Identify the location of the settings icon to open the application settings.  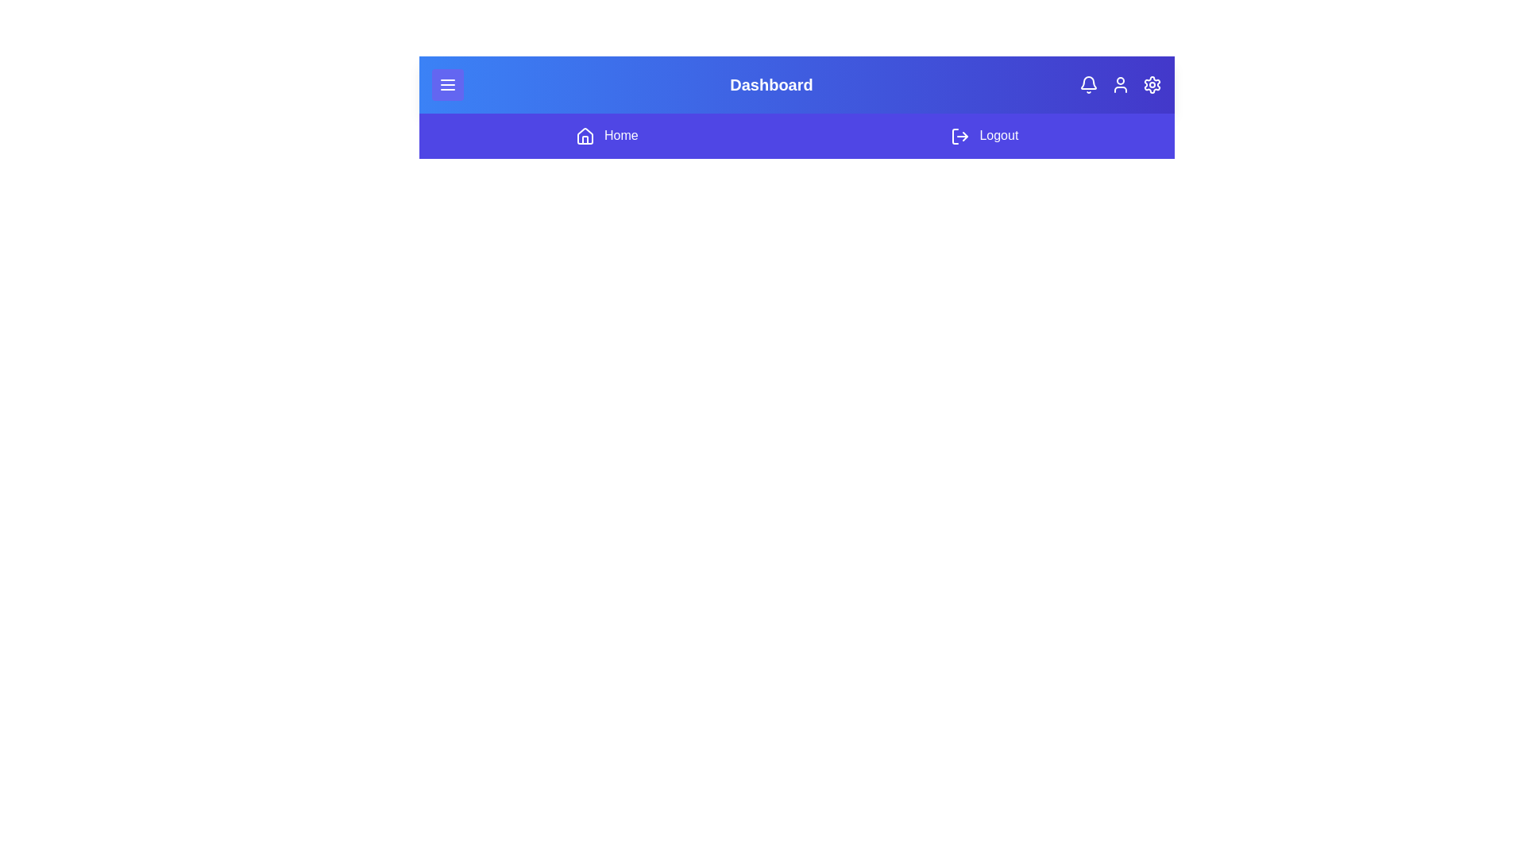
(1152, 85).